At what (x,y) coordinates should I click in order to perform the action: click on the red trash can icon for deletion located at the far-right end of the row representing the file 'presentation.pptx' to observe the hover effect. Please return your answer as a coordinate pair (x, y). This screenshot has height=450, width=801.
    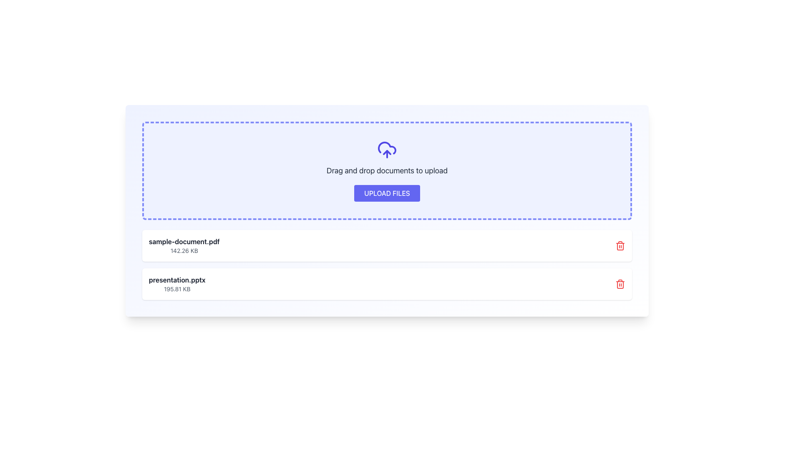
    Looking at the image, I should click on (620, 284).